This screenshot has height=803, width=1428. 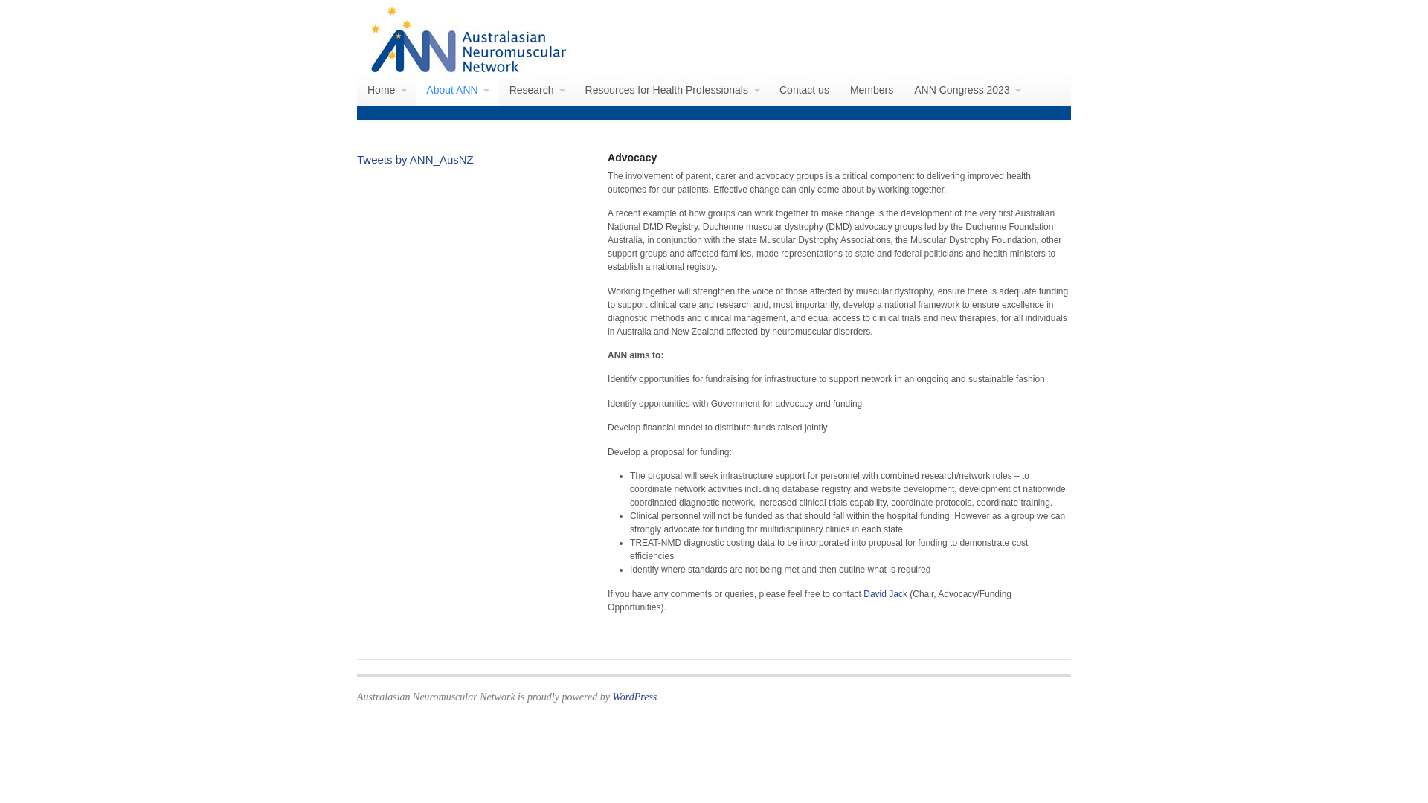 I want to click on 'Research', so click(x=535, y=89).